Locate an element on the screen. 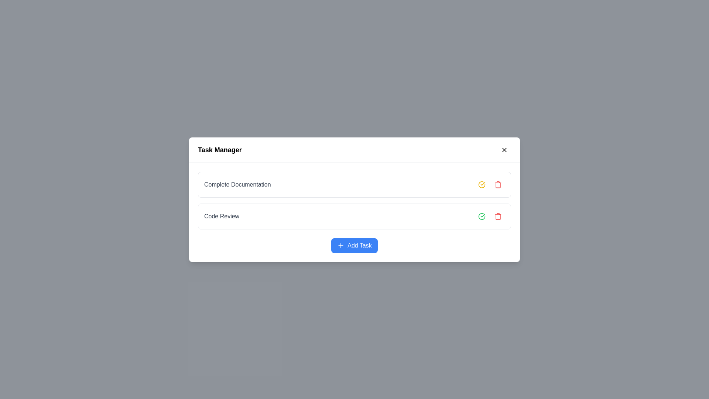 Image resolution: width=709 pixels, height=399 pixels. the cross-shaped icon located near the top-right corner of the bounding box within the 'Task Manager' header to invoke its function is located at coordinates (504, 150).